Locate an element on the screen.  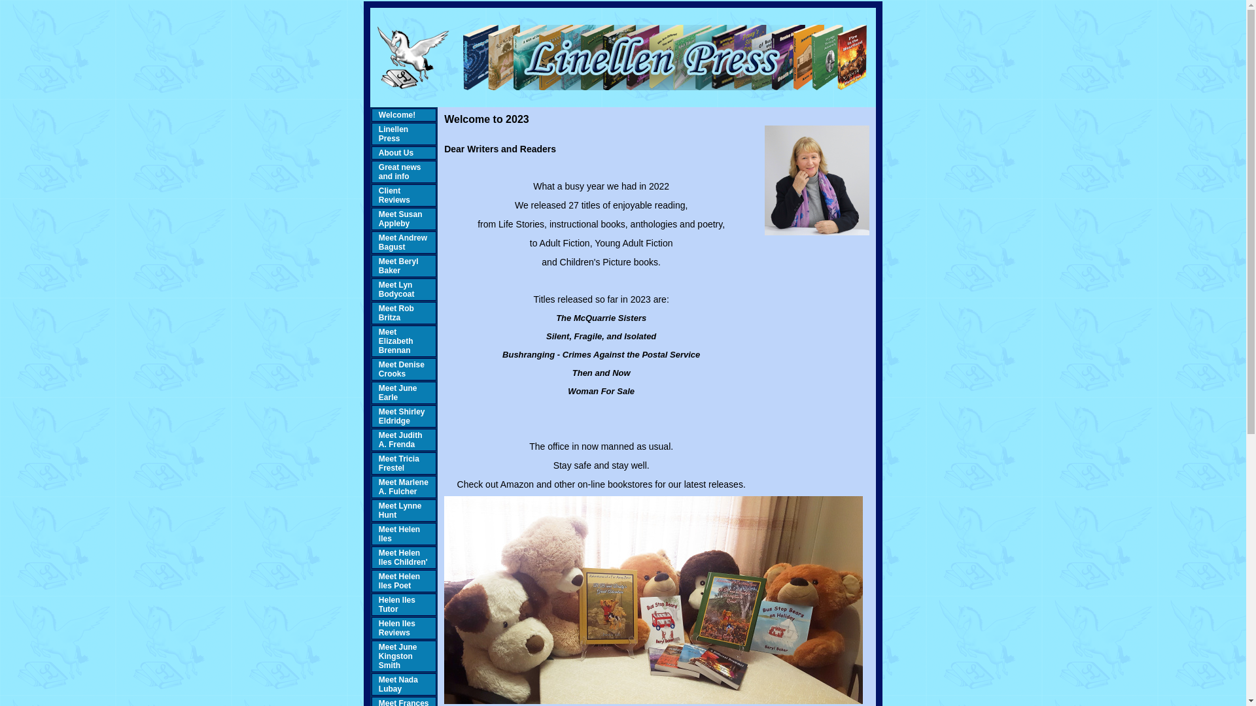
'Meet Lyn Bodycoat' is located at coordinates (396, 289).